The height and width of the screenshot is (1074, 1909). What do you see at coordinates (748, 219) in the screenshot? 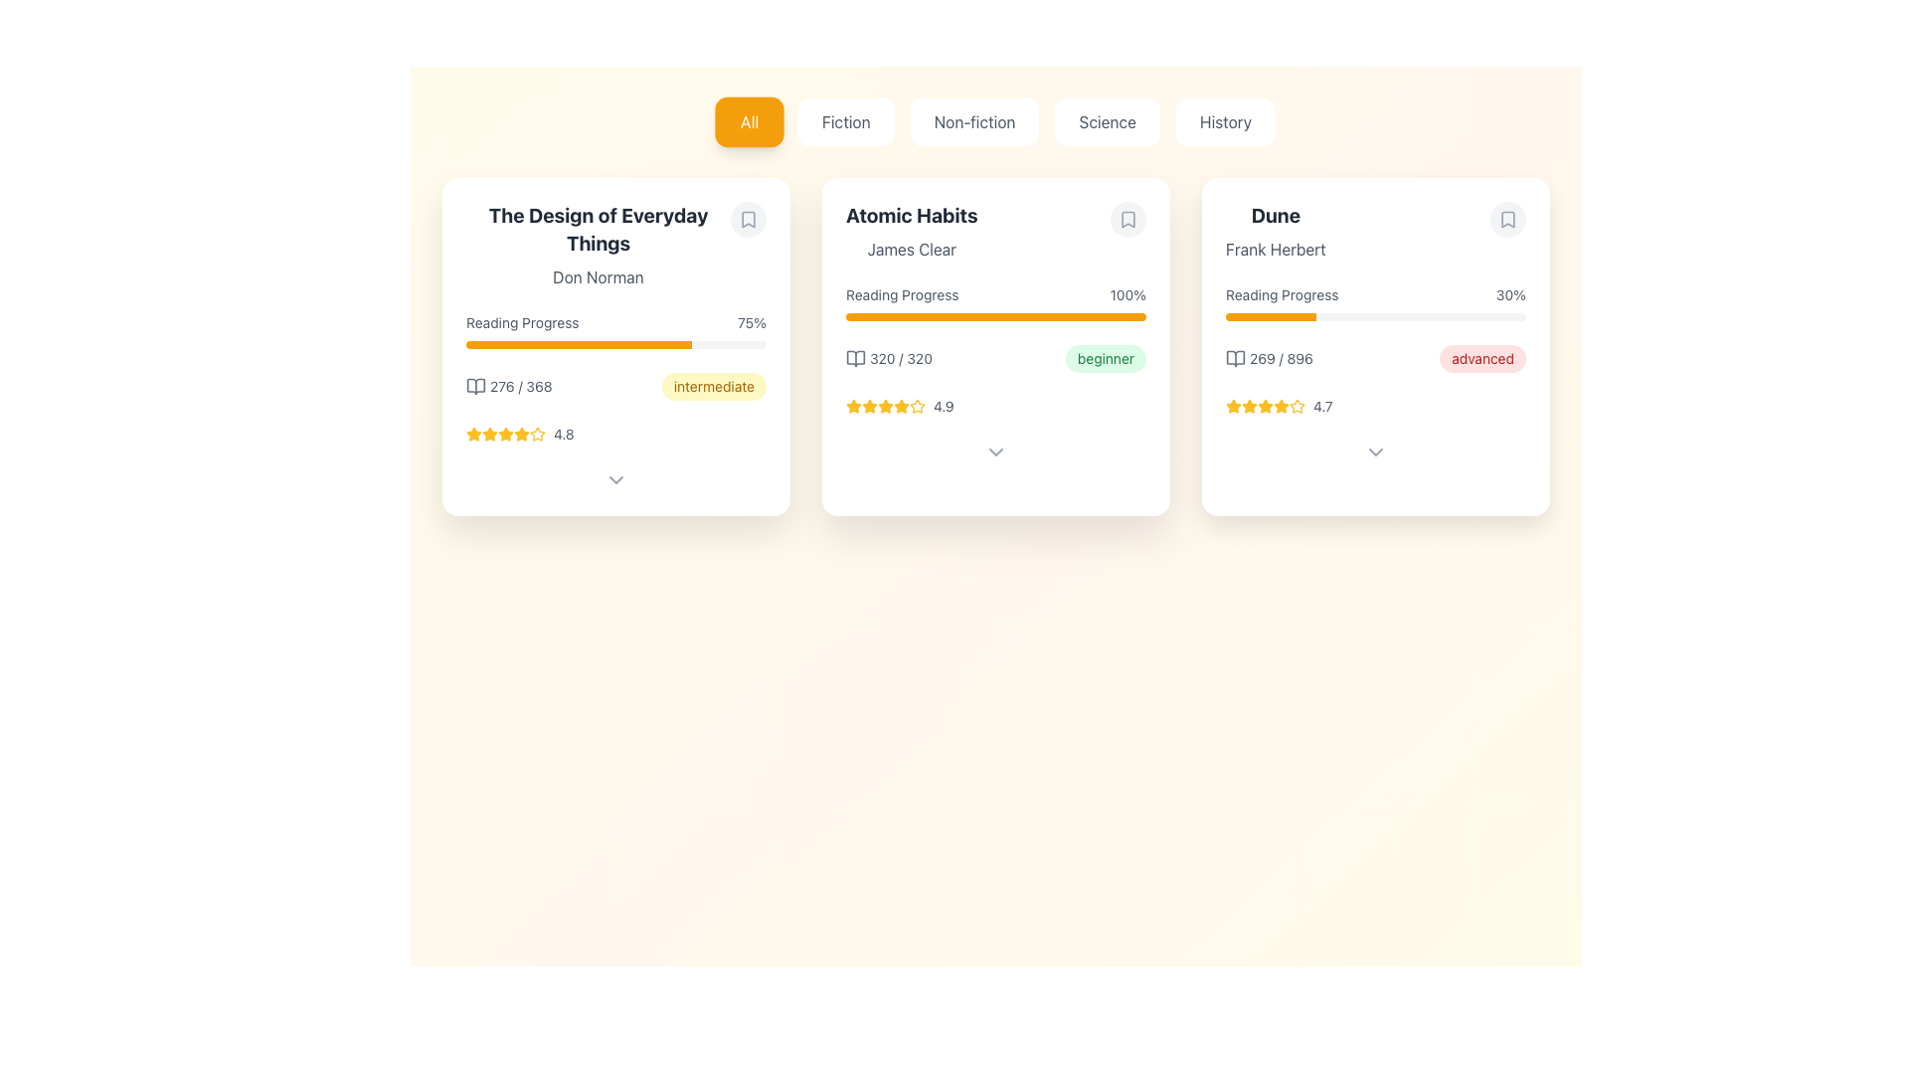
I see `the bookmark button located at the upper-right corner of the card displaying 'The Design of Everyday Things' by Don Norman` at bounding box center [748, 219].